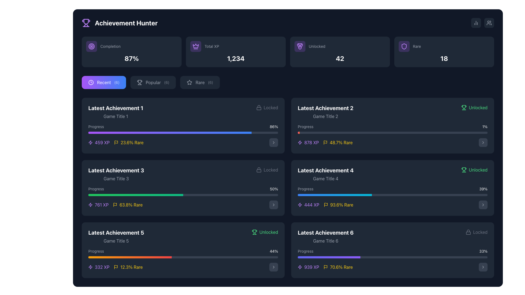 This screenshot has height=295, width=525. I want to click on the third button in the horizontal group of filter buttons, so click(200, 82).